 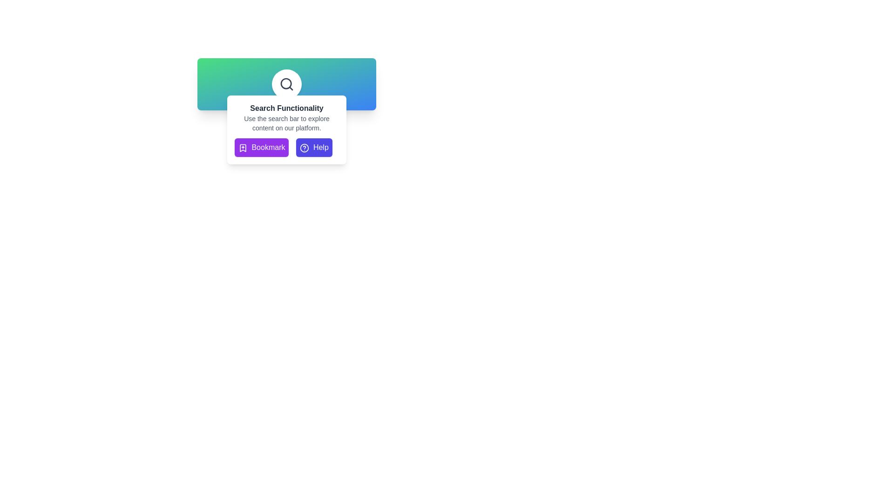 What do you see at coordinates (261, 147) in the screenshot?
I see `the 'Bookmark' button with a purple background and a plus symbol inside a bookmark icon to bookmark content` at bounding box center [261, 147].